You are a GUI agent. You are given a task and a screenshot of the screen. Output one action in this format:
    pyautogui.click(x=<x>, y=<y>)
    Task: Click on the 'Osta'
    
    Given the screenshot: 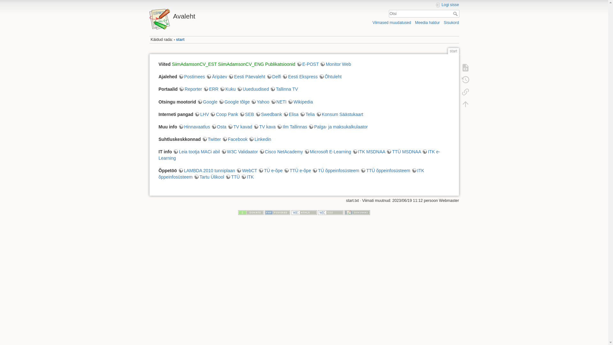 What is the action you would take?
    pyautogui.click(x=219, y=127)
    